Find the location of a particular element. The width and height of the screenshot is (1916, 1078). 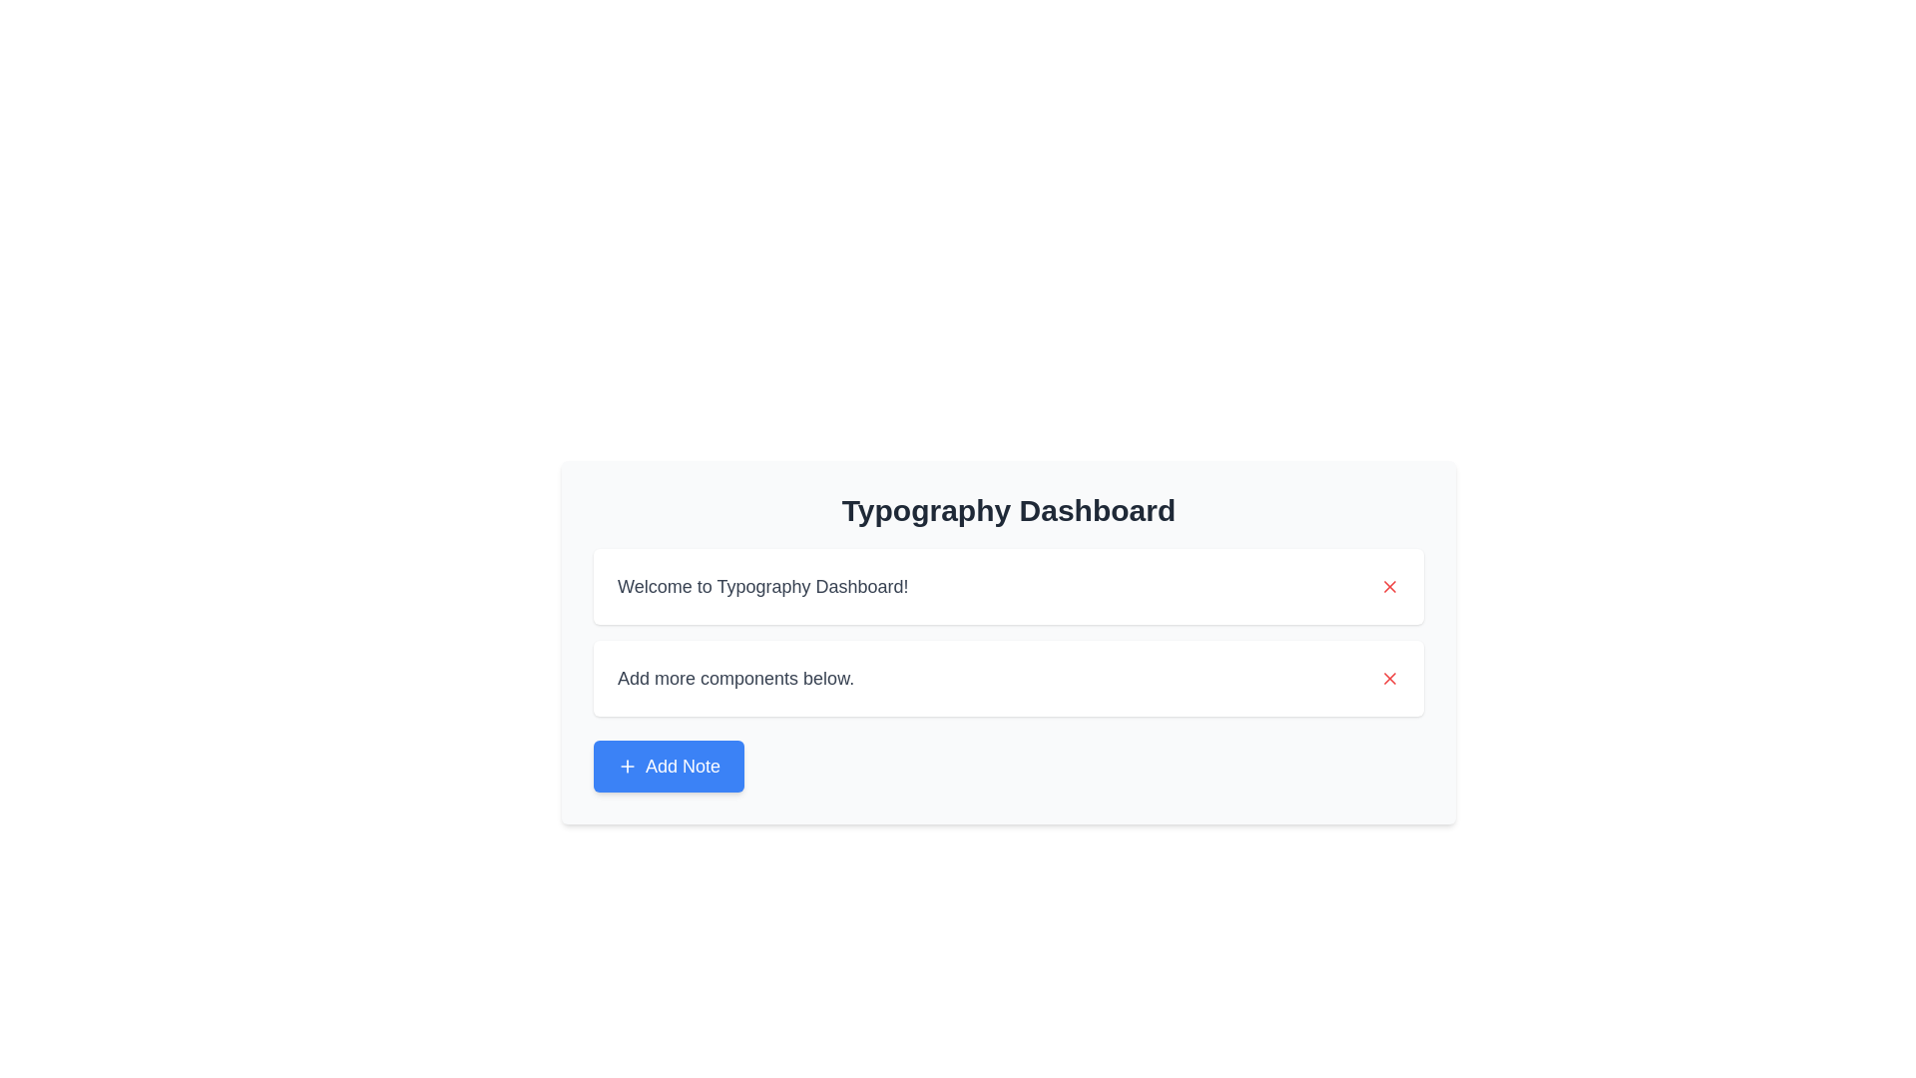

the welcoming message static text that displays the purpose of the dashboard, located below the 'Typography Dashboard' heading is located at coordinates (761, 585).